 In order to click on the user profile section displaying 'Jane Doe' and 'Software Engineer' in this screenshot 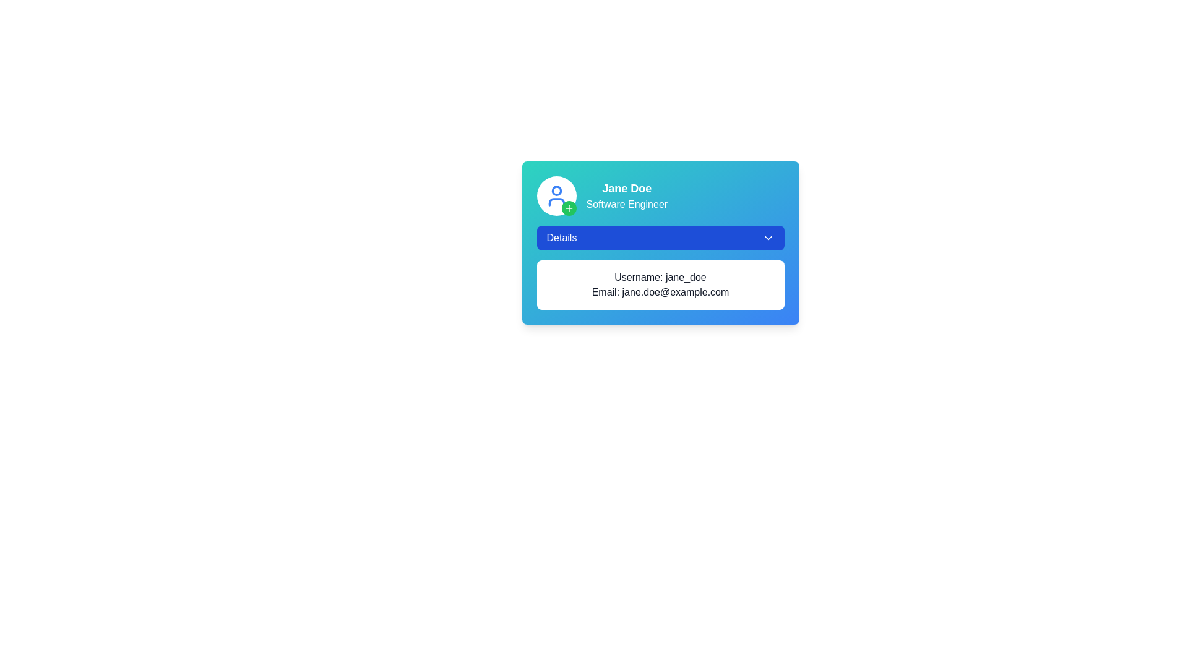, I will do `click(660, 195)`.